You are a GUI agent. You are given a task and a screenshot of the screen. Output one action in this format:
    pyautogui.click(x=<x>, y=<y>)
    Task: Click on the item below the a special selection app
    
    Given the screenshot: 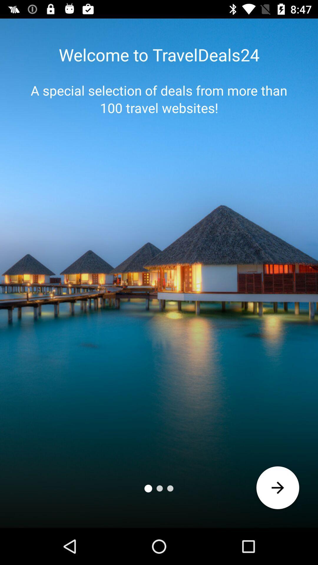 What is the action you would take?
    pyautogui.click(x=278, y=488)
    